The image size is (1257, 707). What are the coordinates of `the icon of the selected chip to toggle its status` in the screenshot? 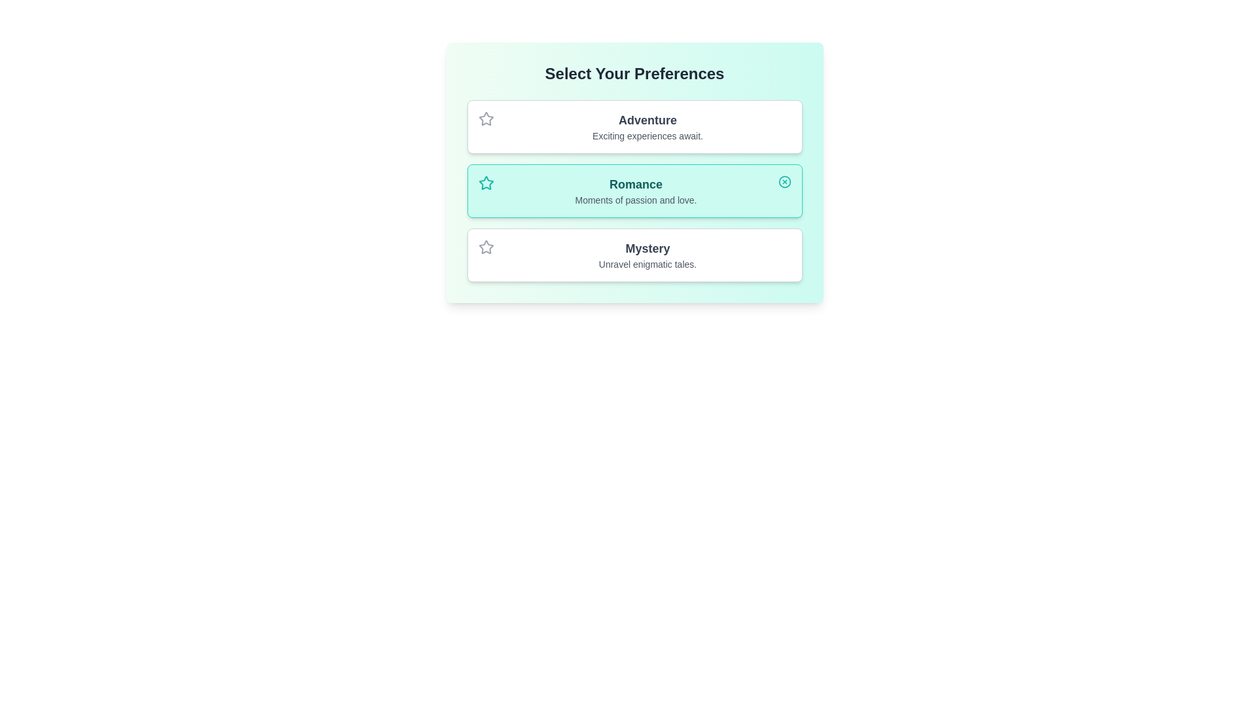 It's located at (784, 181).